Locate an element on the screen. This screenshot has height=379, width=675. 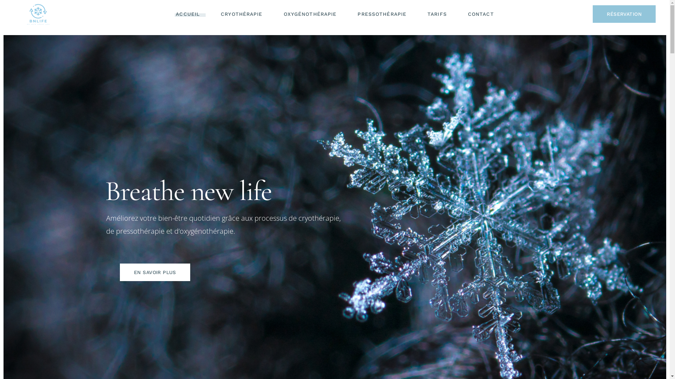
'TARIFS' is located at coordinates (437, 14).